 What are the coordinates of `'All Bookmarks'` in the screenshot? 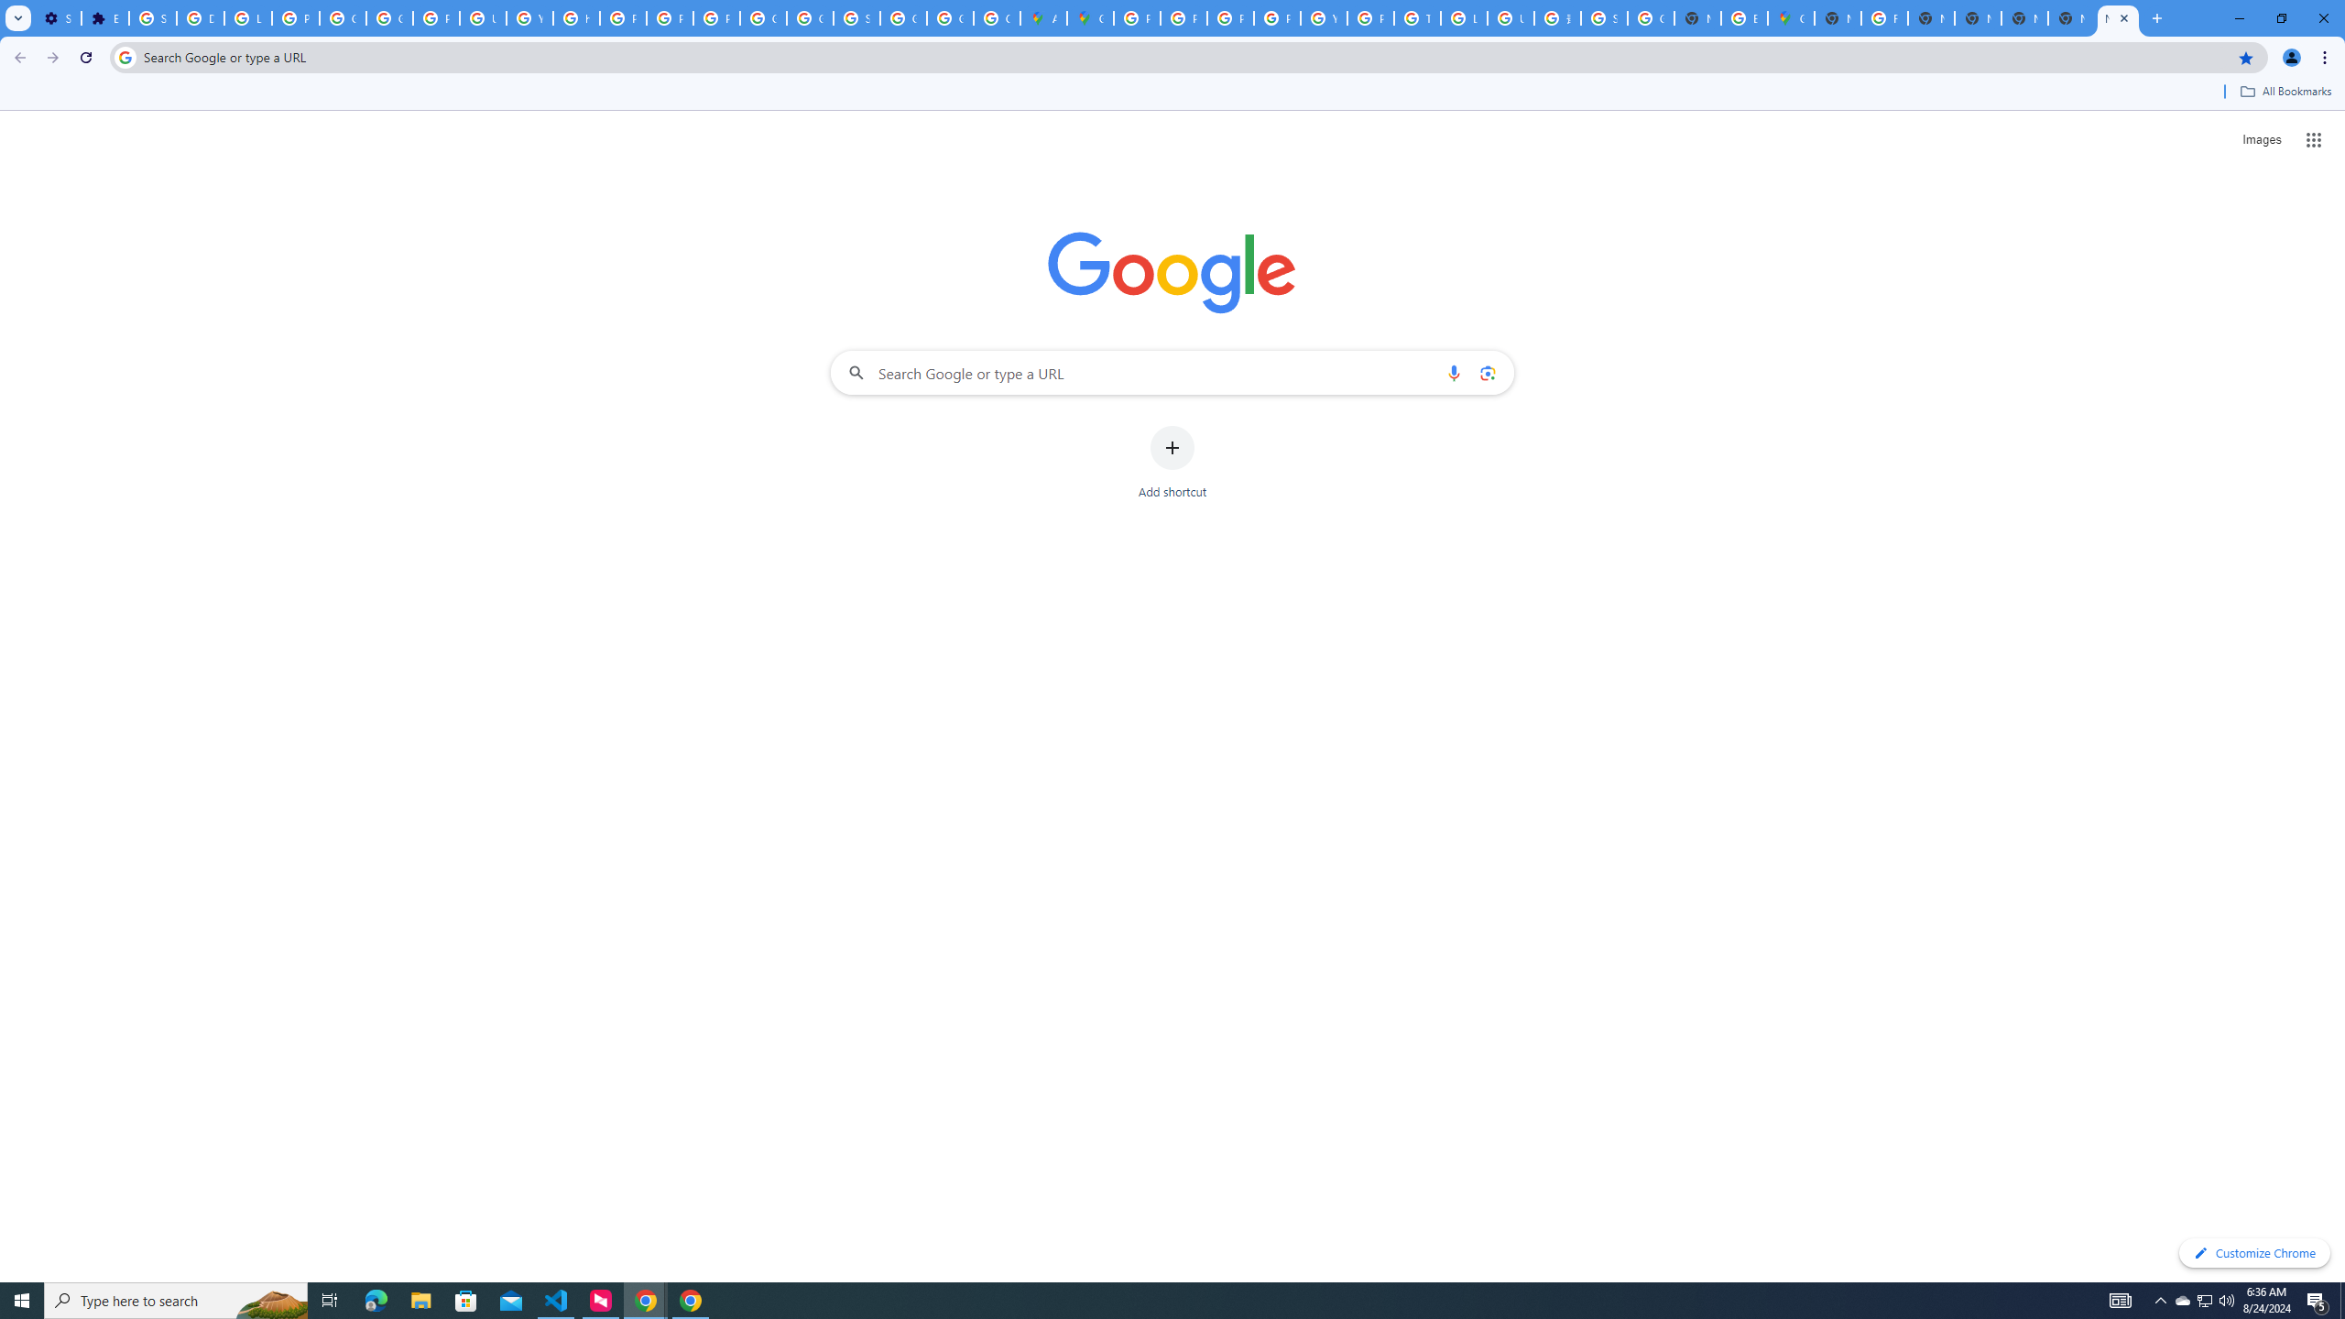 It's located at (2285, 91).